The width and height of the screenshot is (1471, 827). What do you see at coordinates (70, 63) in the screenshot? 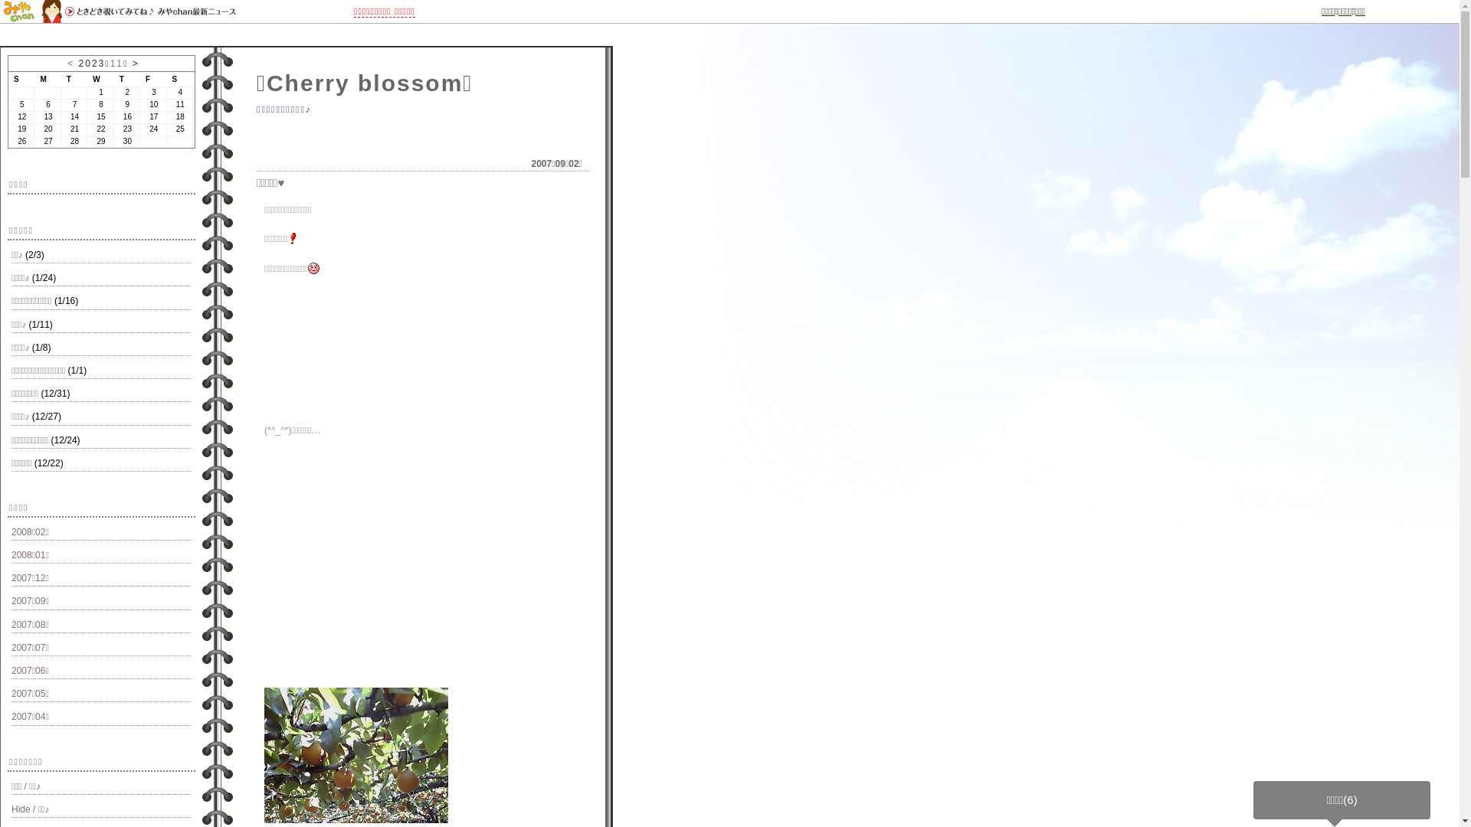
I see `'<'` at bounding box center [70, 63].